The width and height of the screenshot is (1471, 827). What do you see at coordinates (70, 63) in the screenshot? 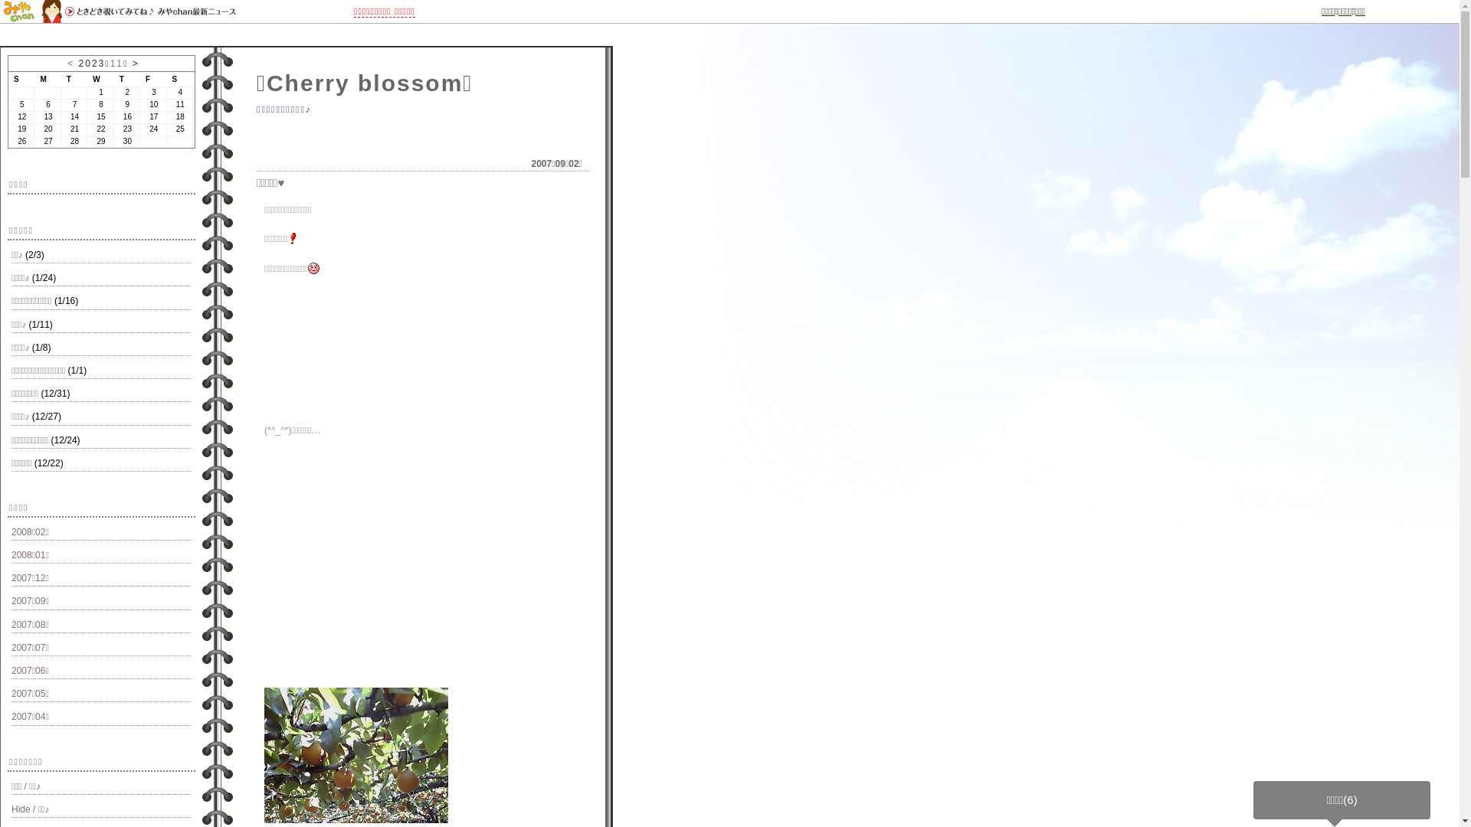
I see `'<'` at bounding box center [70, 63].